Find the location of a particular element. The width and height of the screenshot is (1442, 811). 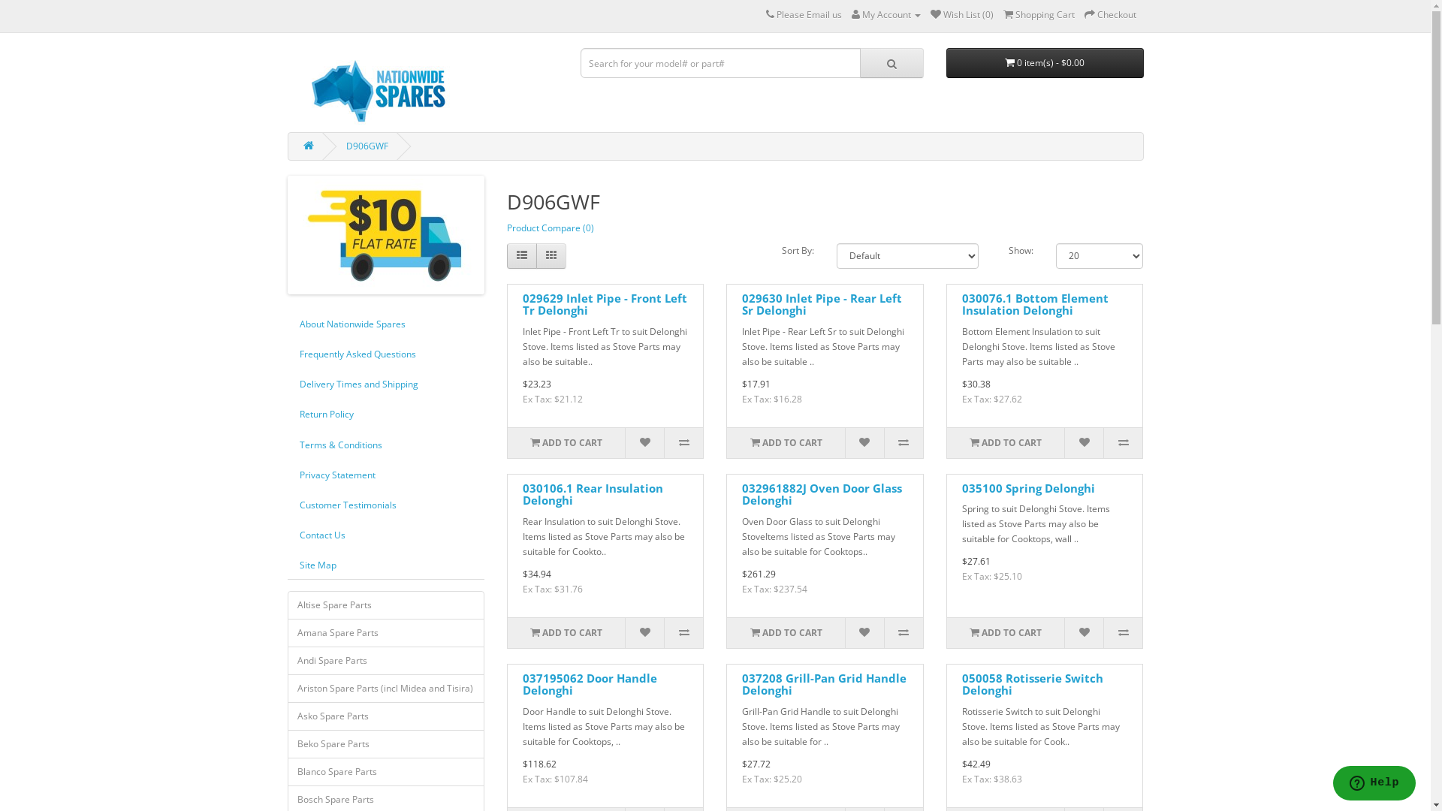

'Terms & Conditions' is located at coordinates (385, 444).